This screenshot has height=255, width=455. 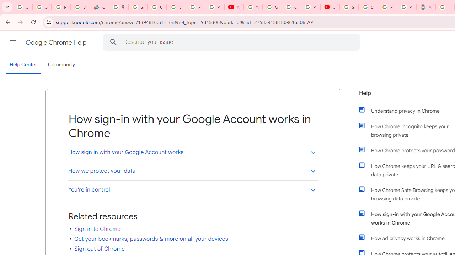 What do you see at coordinates (330, 7) in the screenshot?
I see `'Content Creator Programs & Opportunities - YouTube Creators'` at bounding box center [330, 7].